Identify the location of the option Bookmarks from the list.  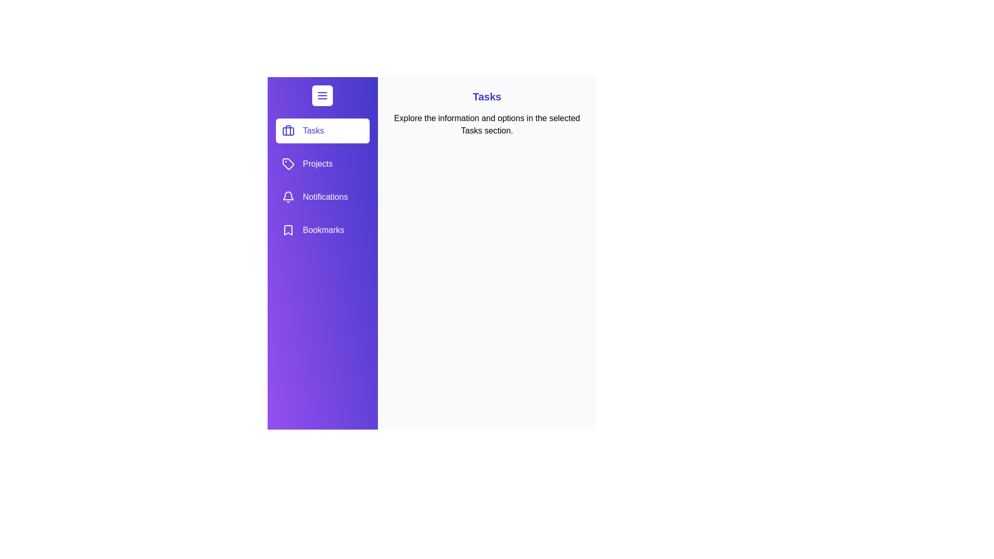
(322, 229).